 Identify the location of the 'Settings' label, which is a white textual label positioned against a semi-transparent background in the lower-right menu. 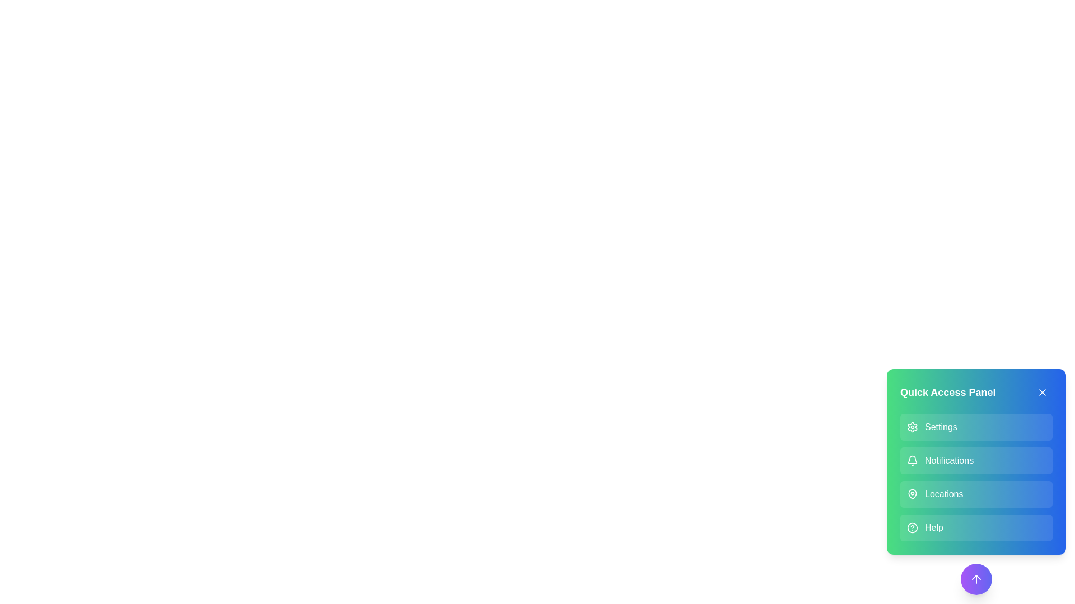
(941, 427).